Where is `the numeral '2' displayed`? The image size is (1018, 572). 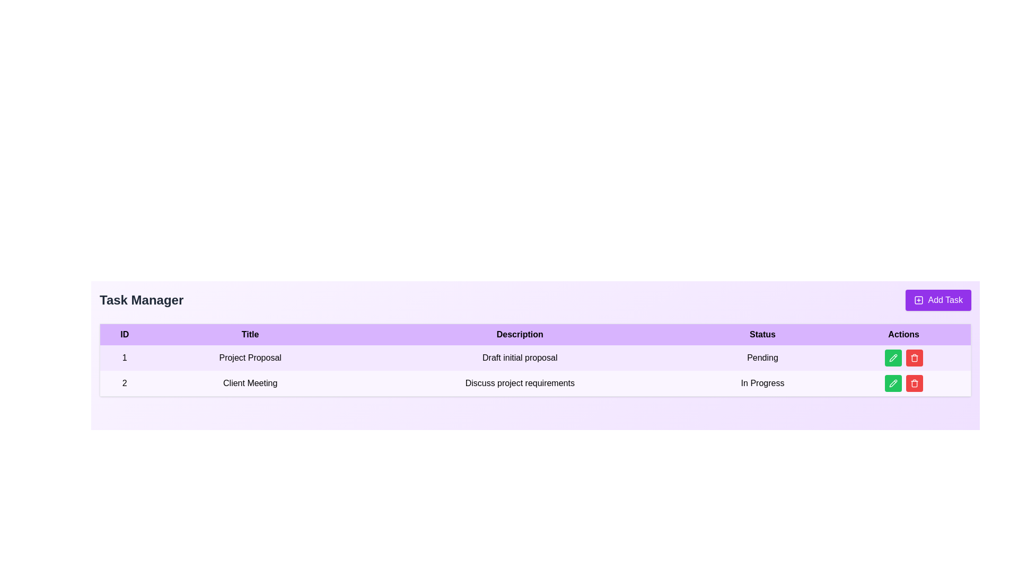
the numeral '2' displayed is located at coordinates (125, 383).